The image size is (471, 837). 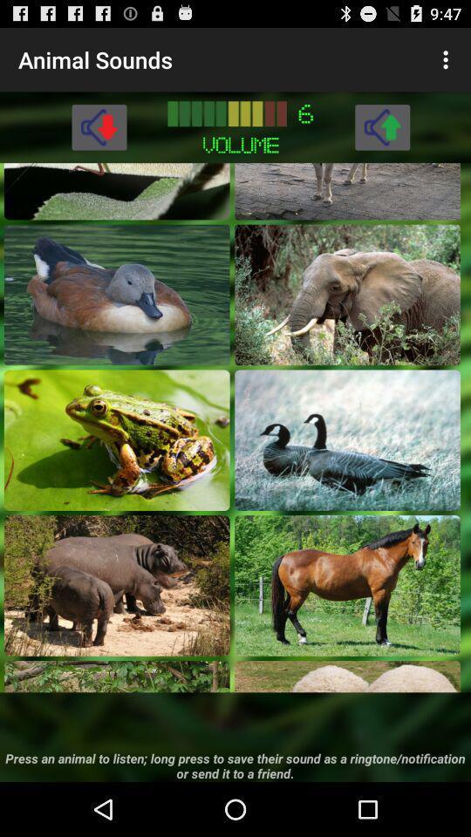 I want to click on click horse icon, so click(x=347, y=585).